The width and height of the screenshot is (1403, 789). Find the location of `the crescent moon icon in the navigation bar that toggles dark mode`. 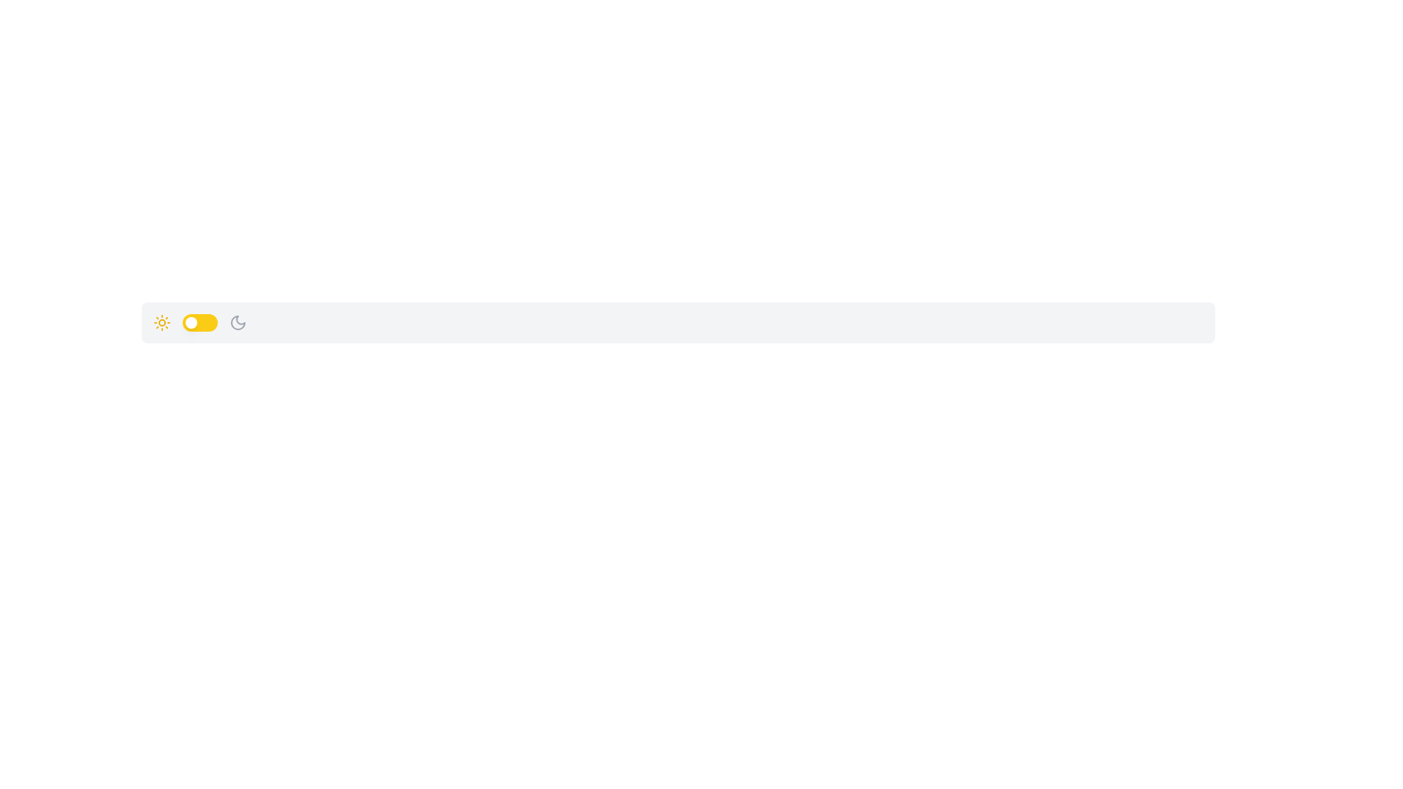

the crescent moon icon in the navigation bar that toggles dark mode is located at coordinates (238, 322).